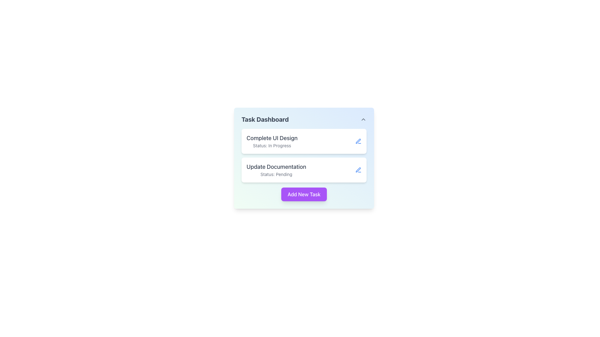 The image size is (600, 337). What do you see at coordinates (304, 194) in the screenshot?
I see `the 'Add Task' button located in the central lower part of the 'Task Dashboard' card to observe any hover effects` at bounding box center [304, 194].